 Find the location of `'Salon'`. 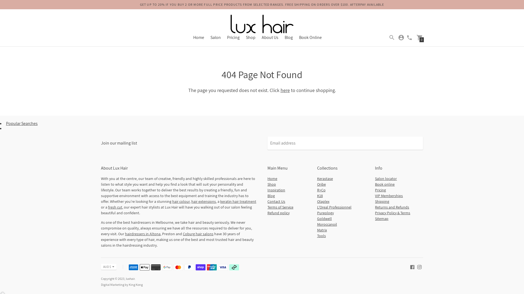

'Salon' is located at coordinates (215, 37).